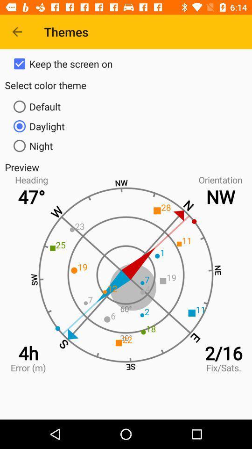  Describe the element at coordinates (17, 32) in the screenshot. I see `item to the left of the themes` at that location.